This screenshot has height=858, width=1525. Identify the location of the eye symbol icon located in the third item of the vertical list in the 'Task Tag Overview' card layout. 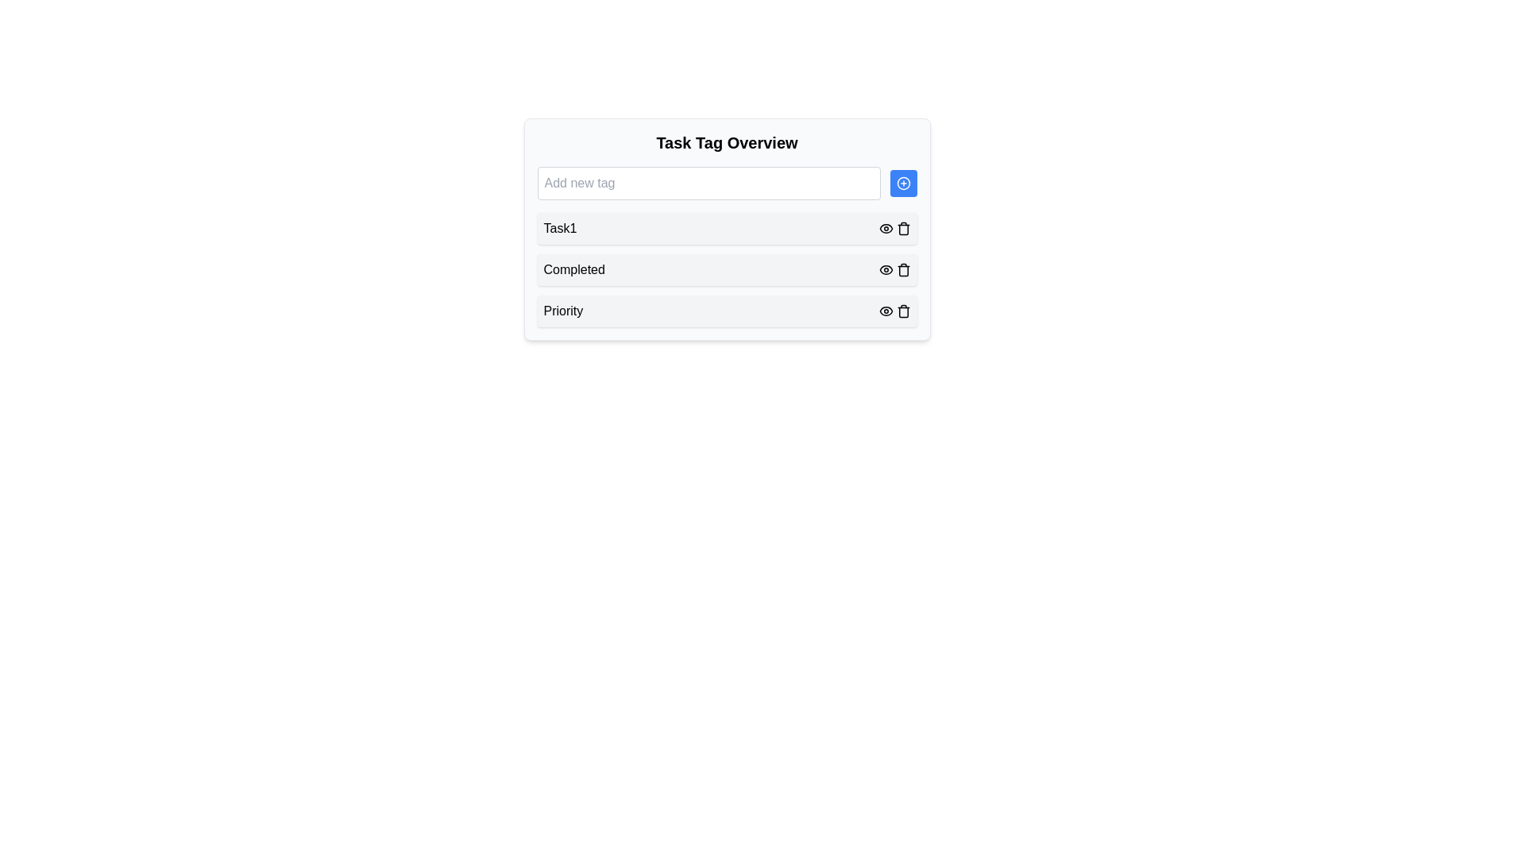
(885, 311).